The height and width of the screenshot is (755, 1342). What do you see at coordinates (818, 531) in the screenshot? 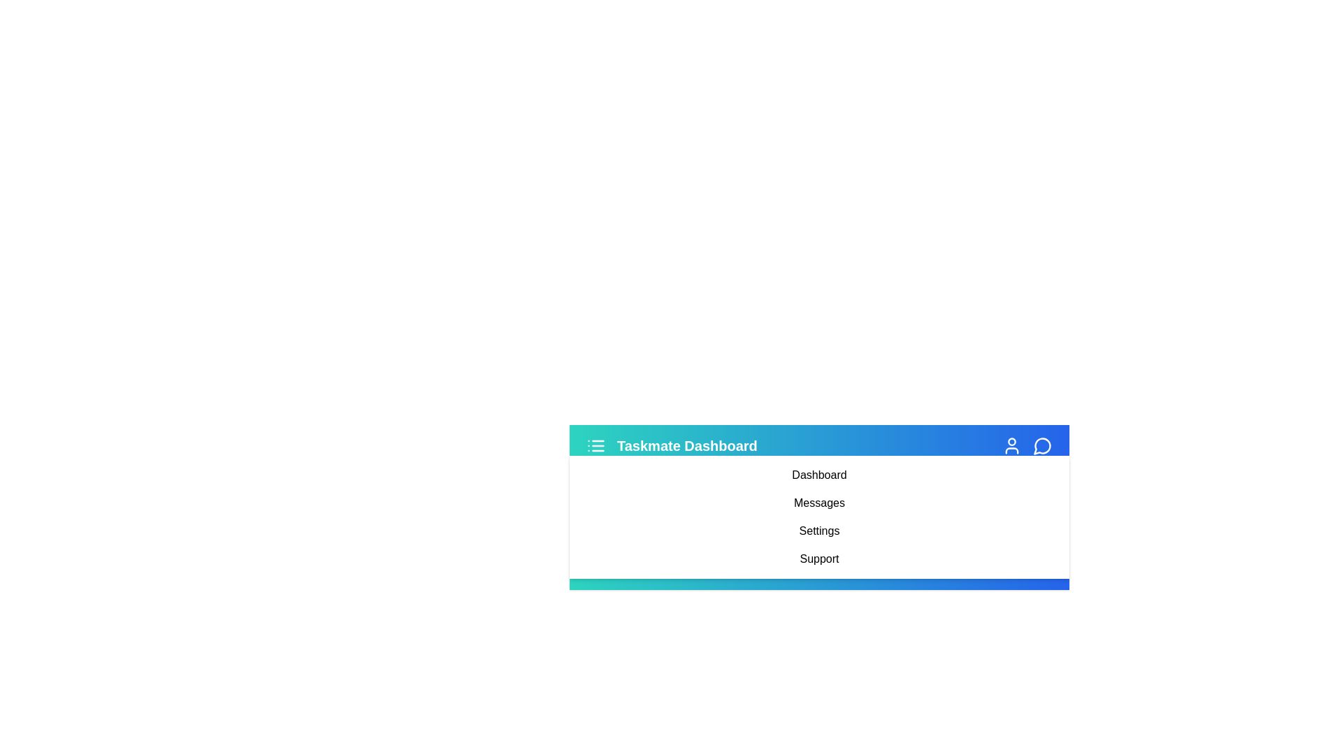
I see `the 'Settings' link in the sidebar` at bounding box center [818, 531].